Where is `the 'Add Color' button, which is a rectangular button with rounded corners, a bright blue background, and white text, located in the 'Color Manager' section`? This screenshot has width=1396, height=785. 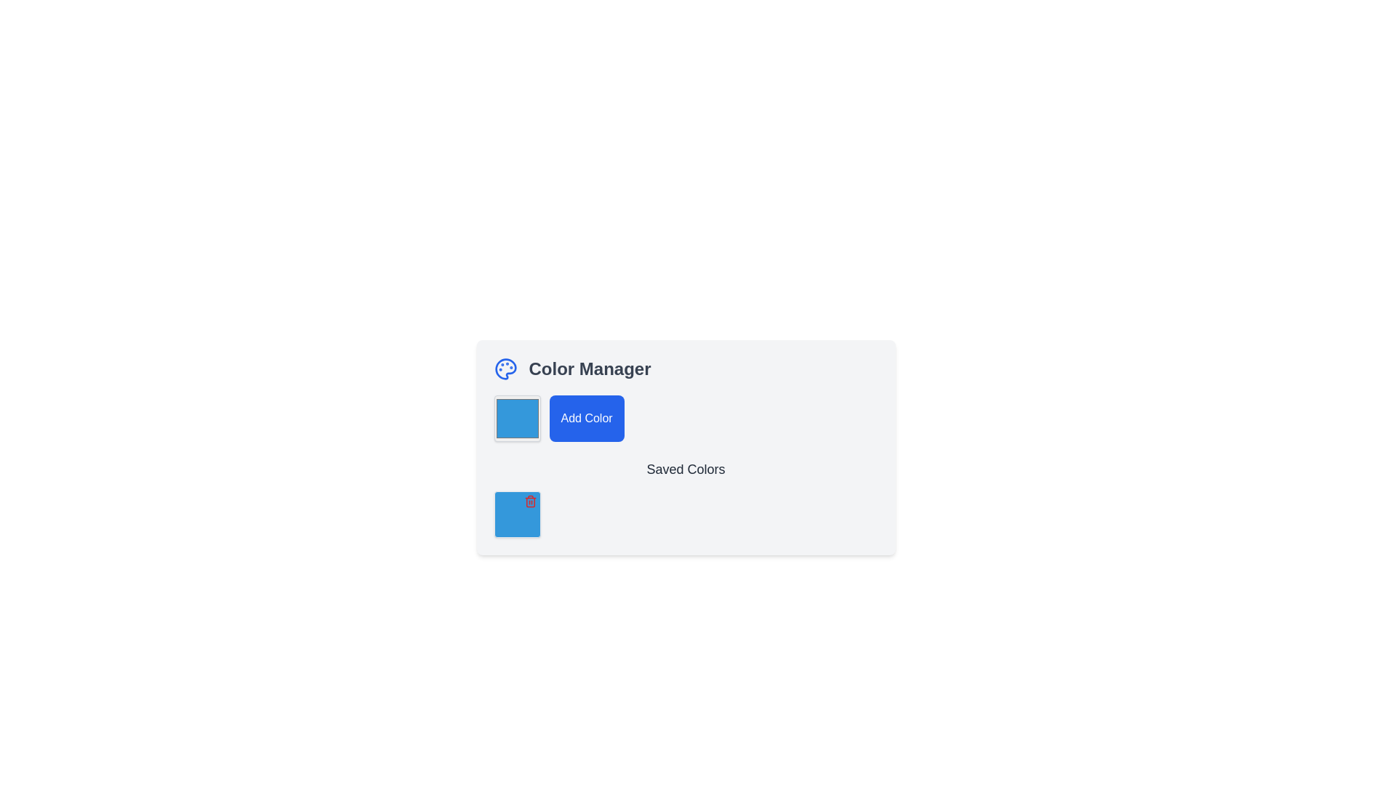
the 'Add Color' button, which is a rectangular button with rounded corners, a bright blue background, and white text, located in the 'Color Manager' section is located at coordinates (587, 418).